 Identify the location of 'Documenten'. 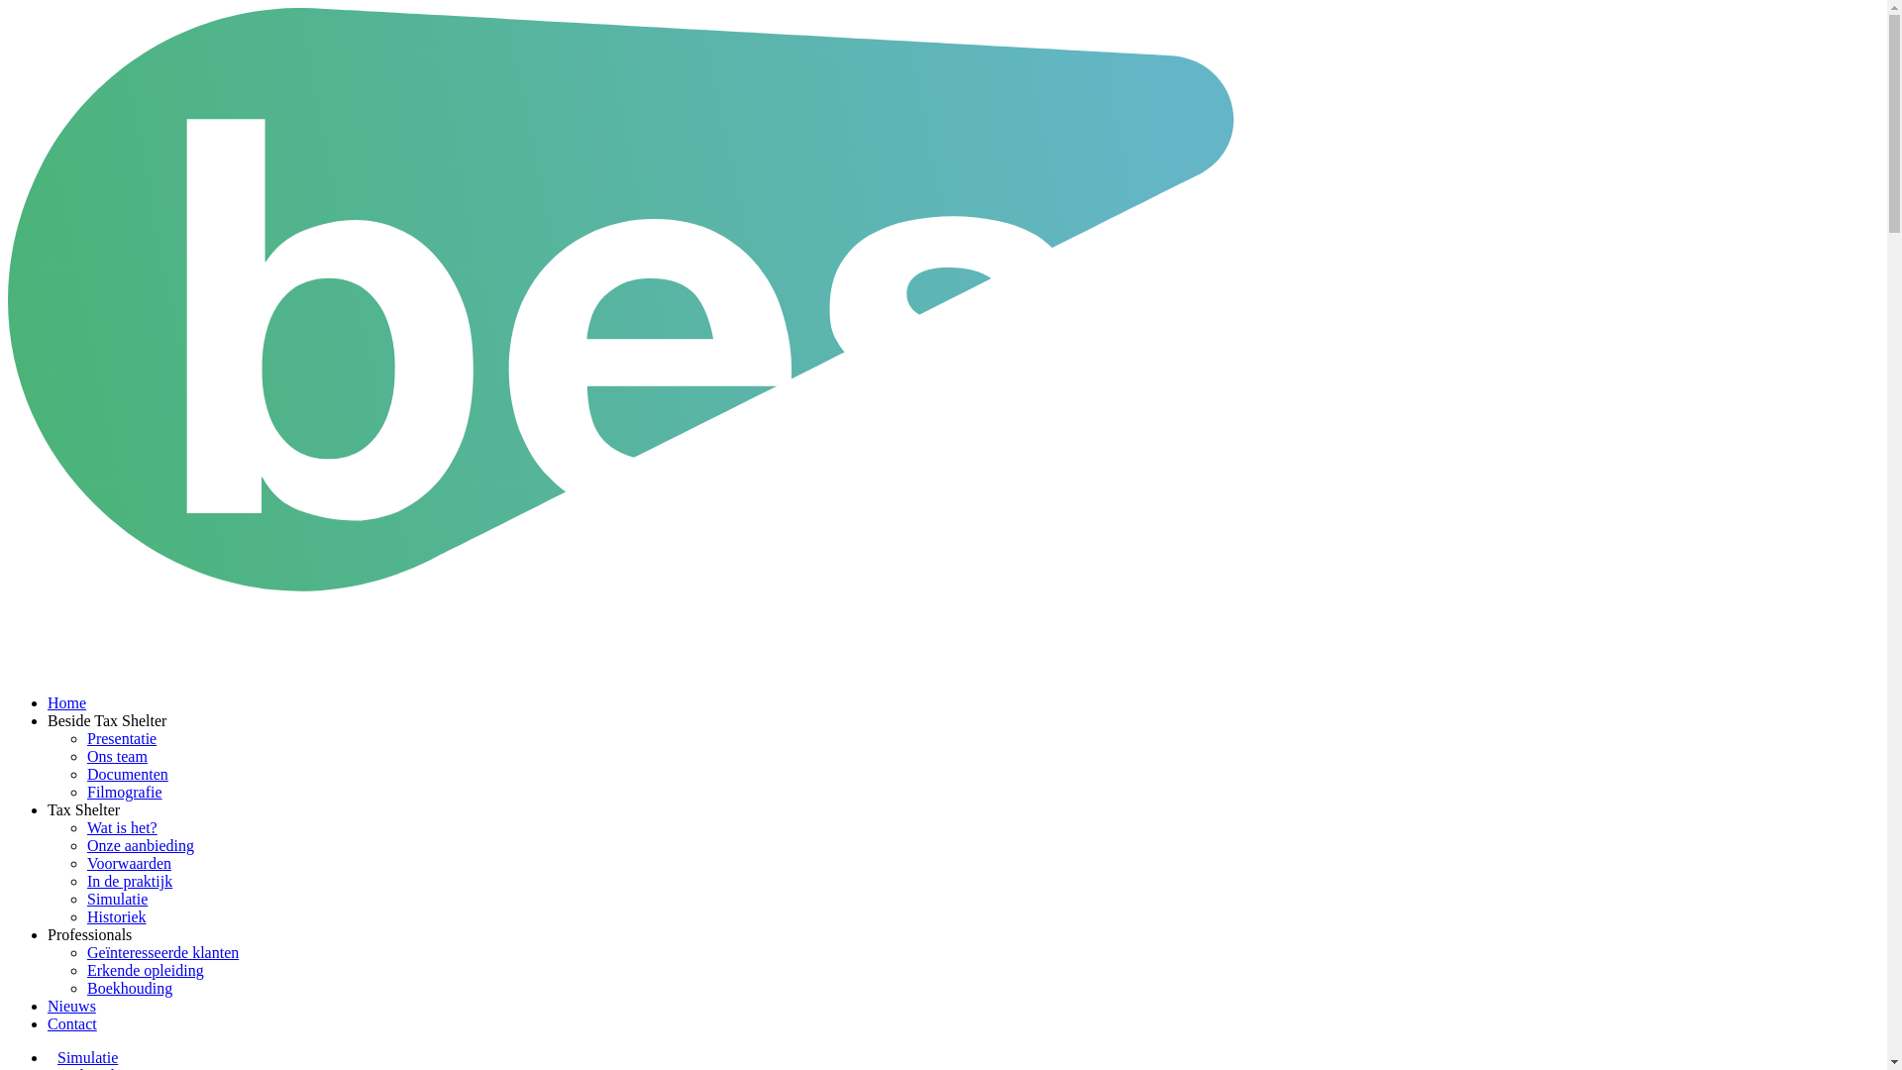
(127, 773).